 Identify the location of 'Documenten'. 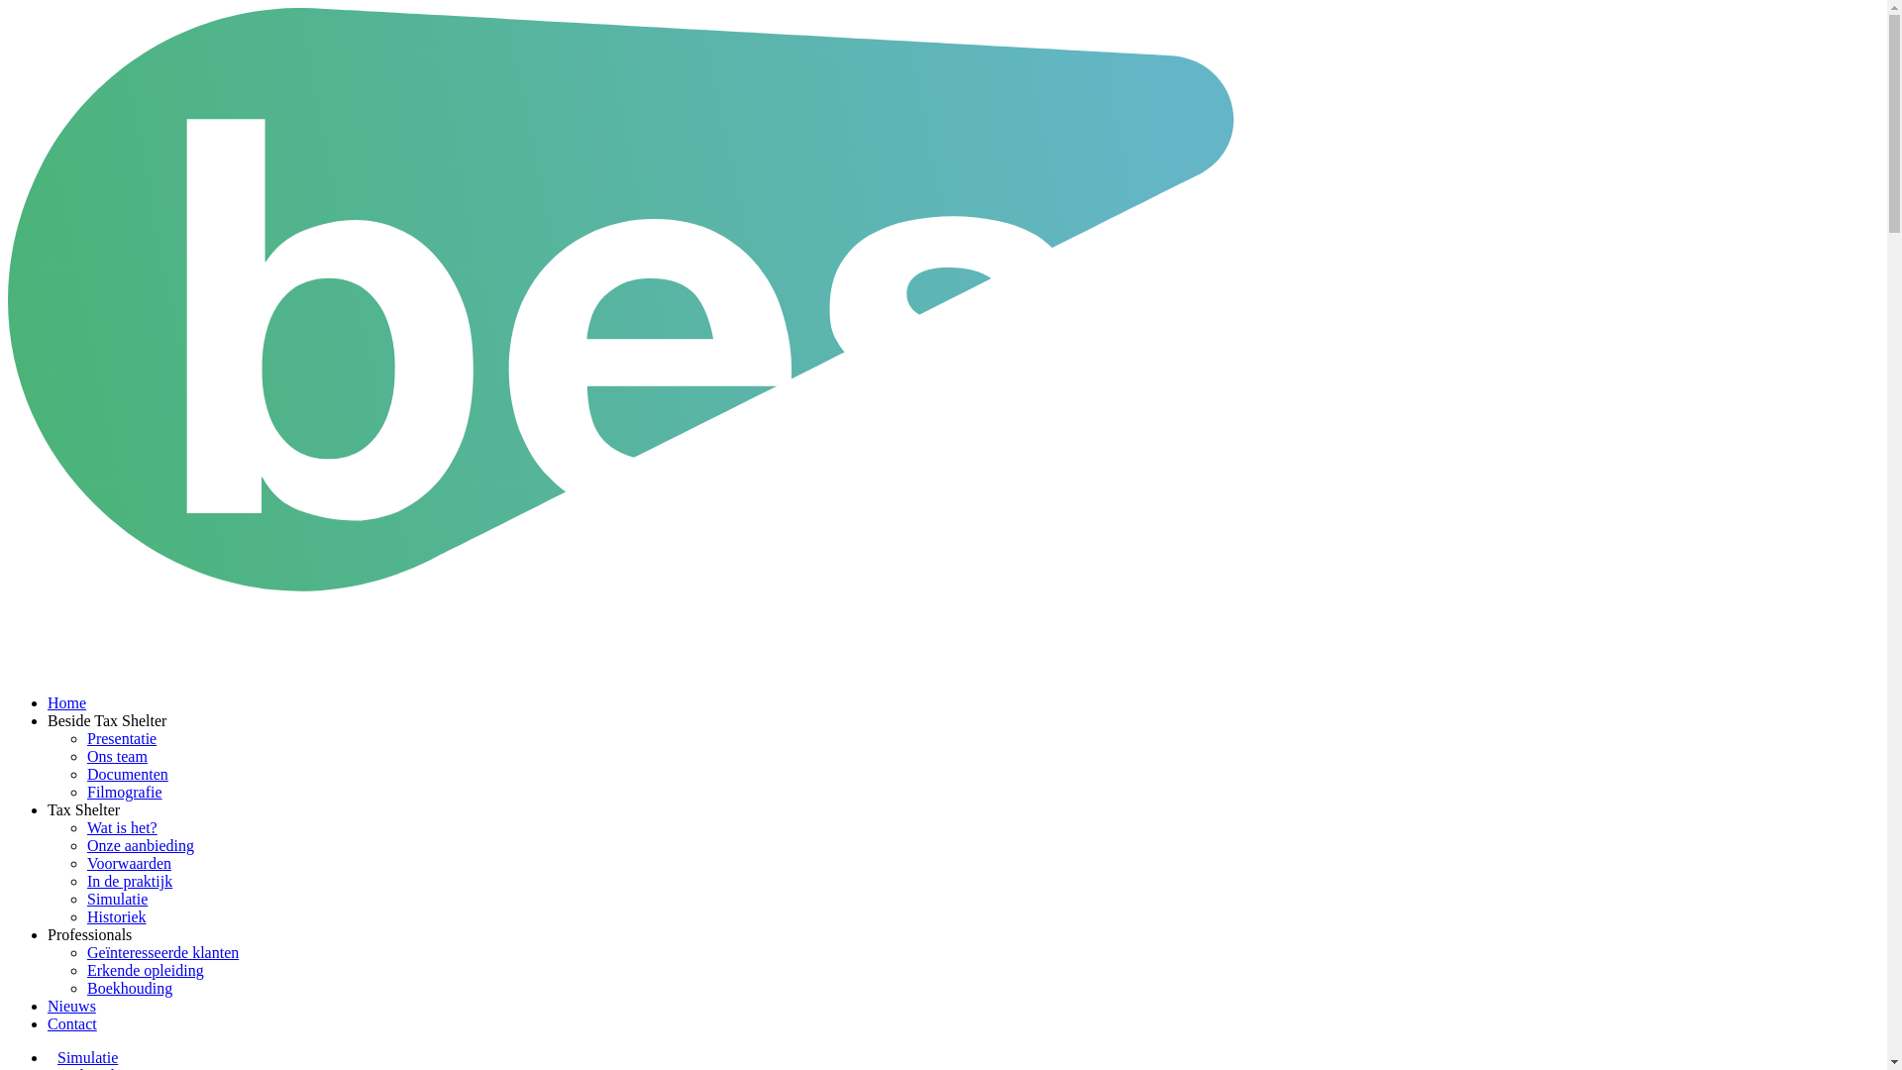
(127, 773).